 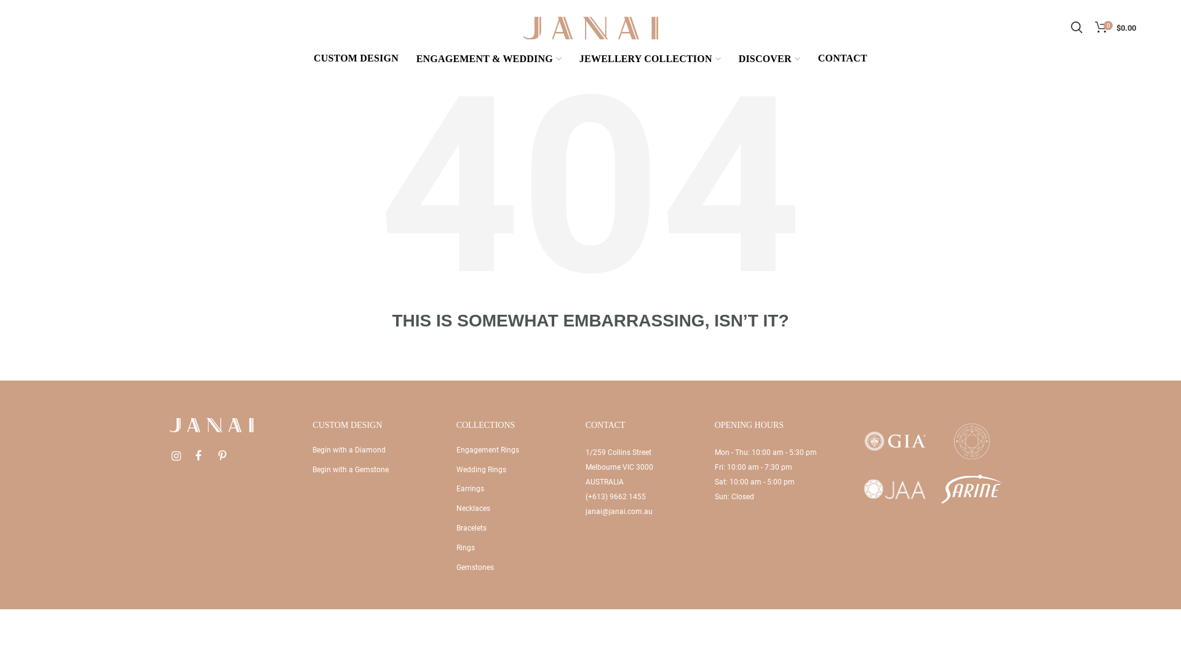 I want to click on 'JEWELLERY COLLECTION', so click(x=649, y=60).